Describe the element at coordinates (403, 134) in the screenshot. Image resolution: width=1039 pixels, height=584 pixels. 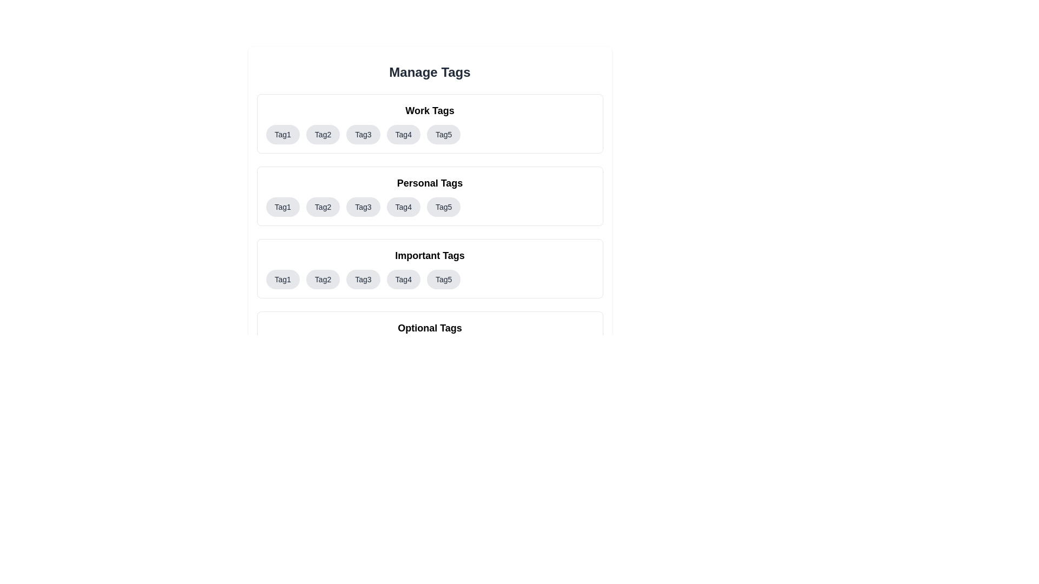
I see `the 'Tag4' button, which is a rounded rectangular button with dark gray text on a light gray background, located in the 'Work Tags' section underneath the 'Manage Tags' header` at that location.